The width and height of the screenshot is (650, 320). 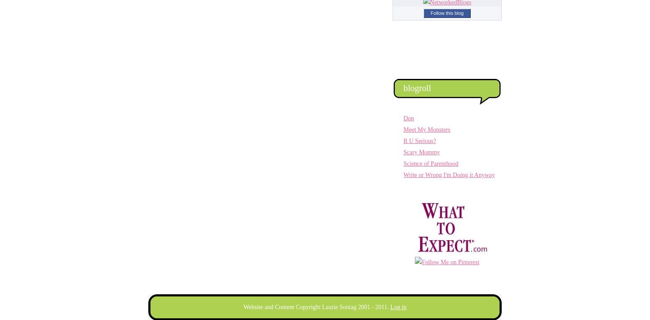 What do you see at coordinates (398, 307) in the screenshot?
I see `'Log in'` at bounding box center [398, 307].